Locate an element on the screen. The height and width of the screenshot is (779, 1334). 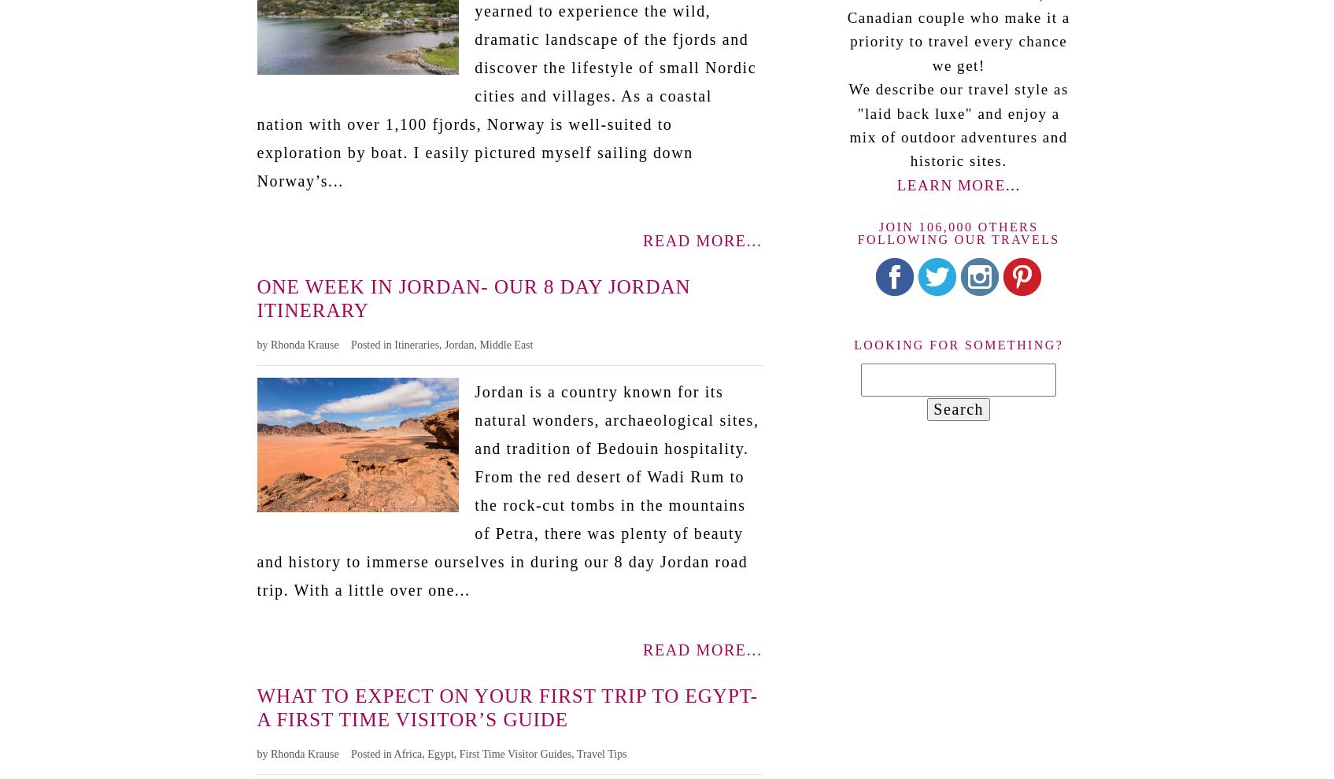
'Looking for something?' is located at coordinates (853, 344).